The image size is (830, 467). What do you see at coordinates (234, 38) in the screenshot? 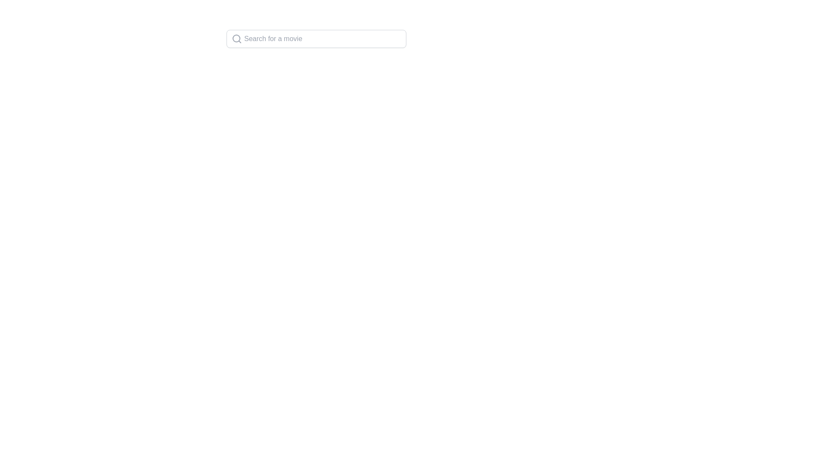
I see `the gray magnifying glass icon to focus the associated input field labeled 'Search for a movie'` at bounding box center [234, 38].